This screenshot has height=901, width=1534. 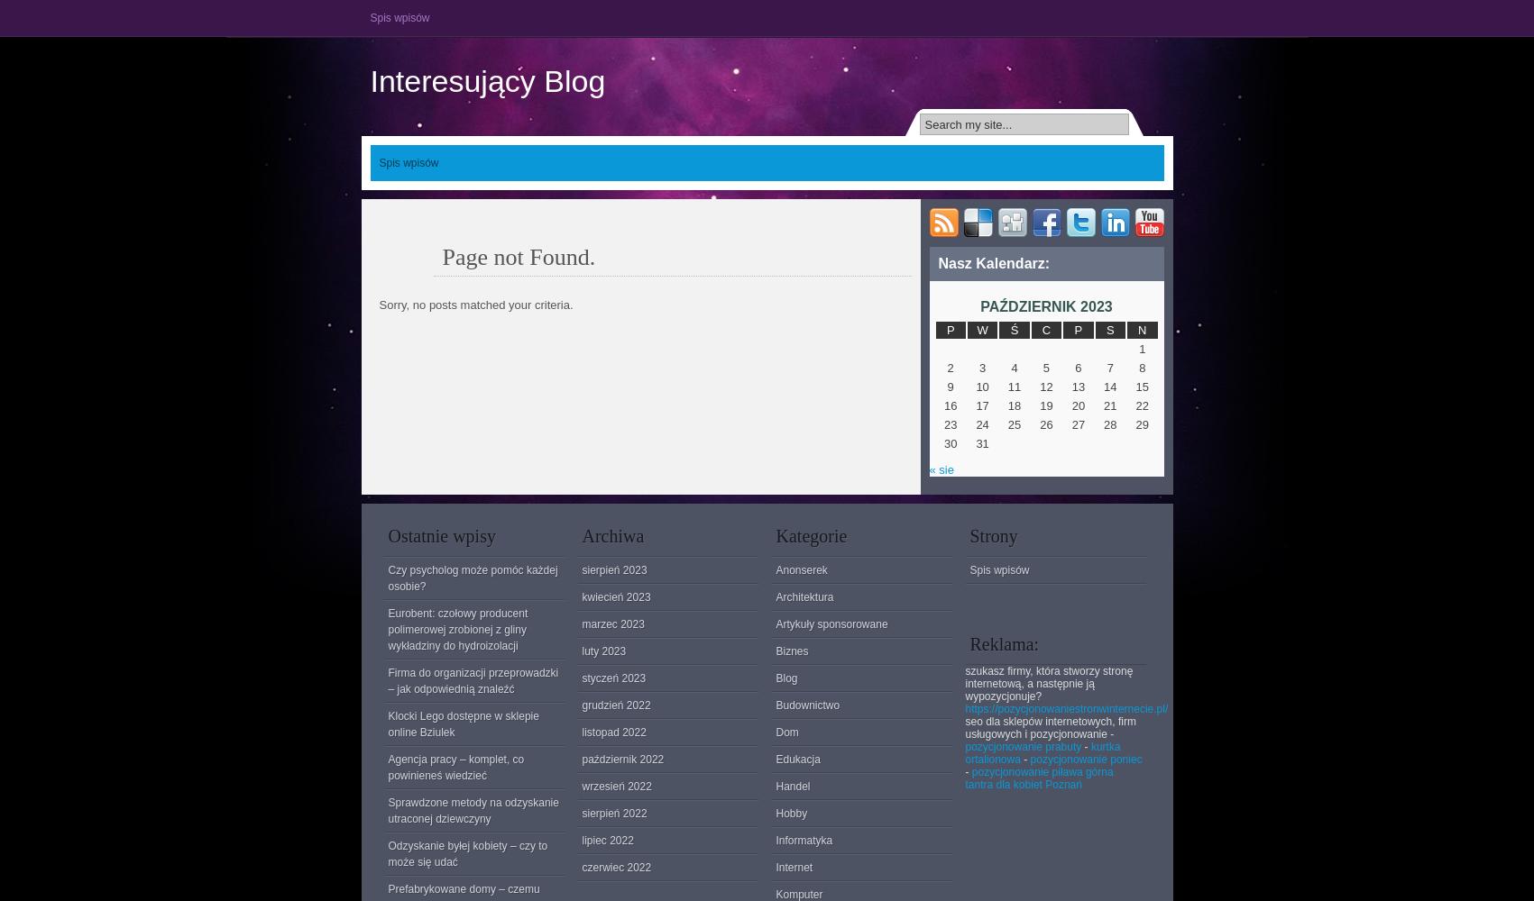 What do you see at coordinates (1106, 329) in the screenshot?
I see `'S'` at bounding box center [1106, 329].